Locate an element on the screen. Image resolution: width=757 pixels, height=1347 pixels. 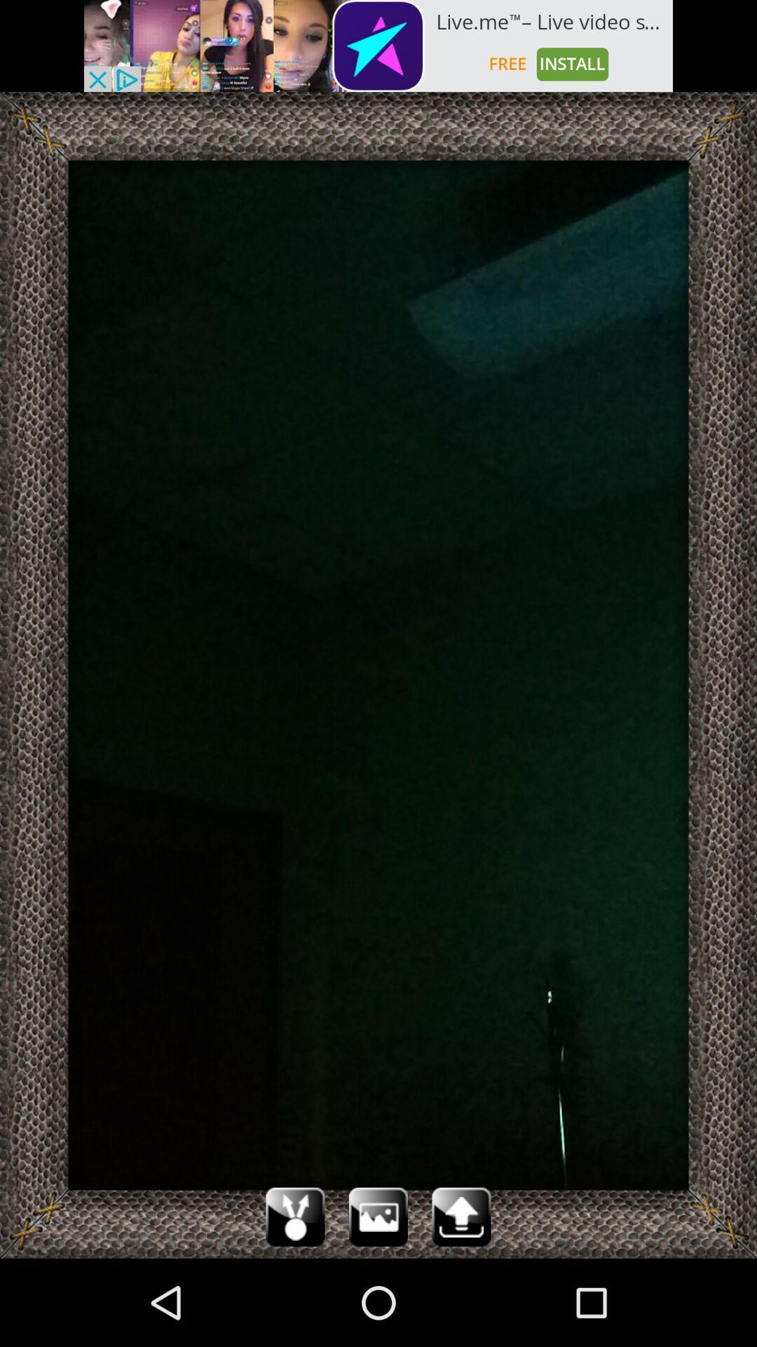
the wallpaper icon is located at coordinates (378, 1301).